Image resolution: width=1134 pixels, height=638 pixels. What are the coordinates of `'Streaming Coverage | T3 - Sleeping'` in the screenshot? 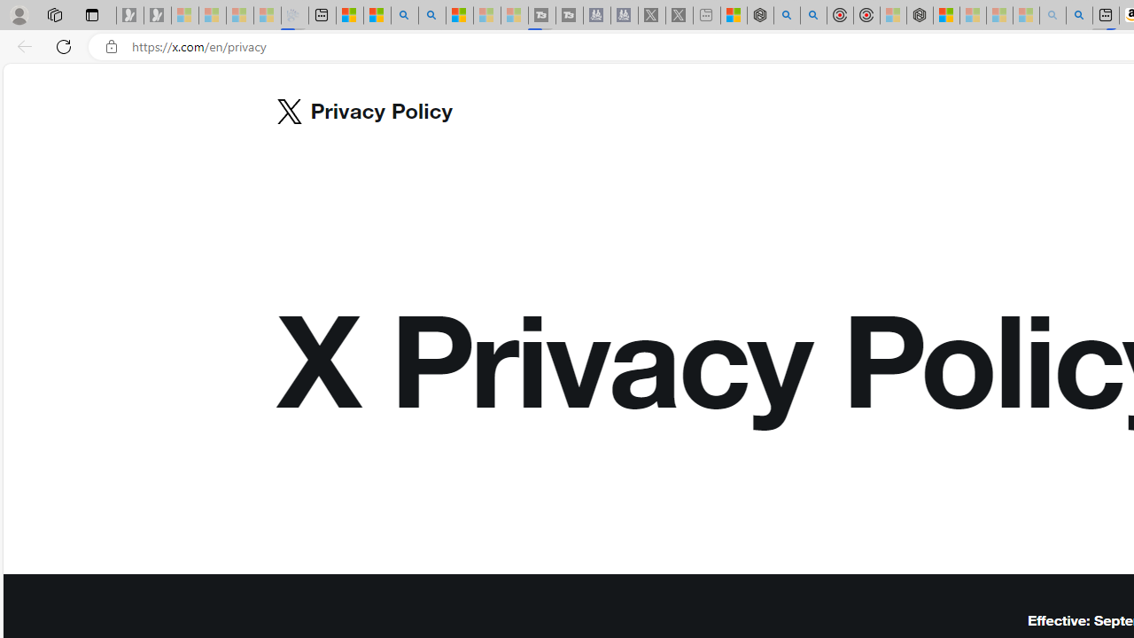 It's located at (540, 15).